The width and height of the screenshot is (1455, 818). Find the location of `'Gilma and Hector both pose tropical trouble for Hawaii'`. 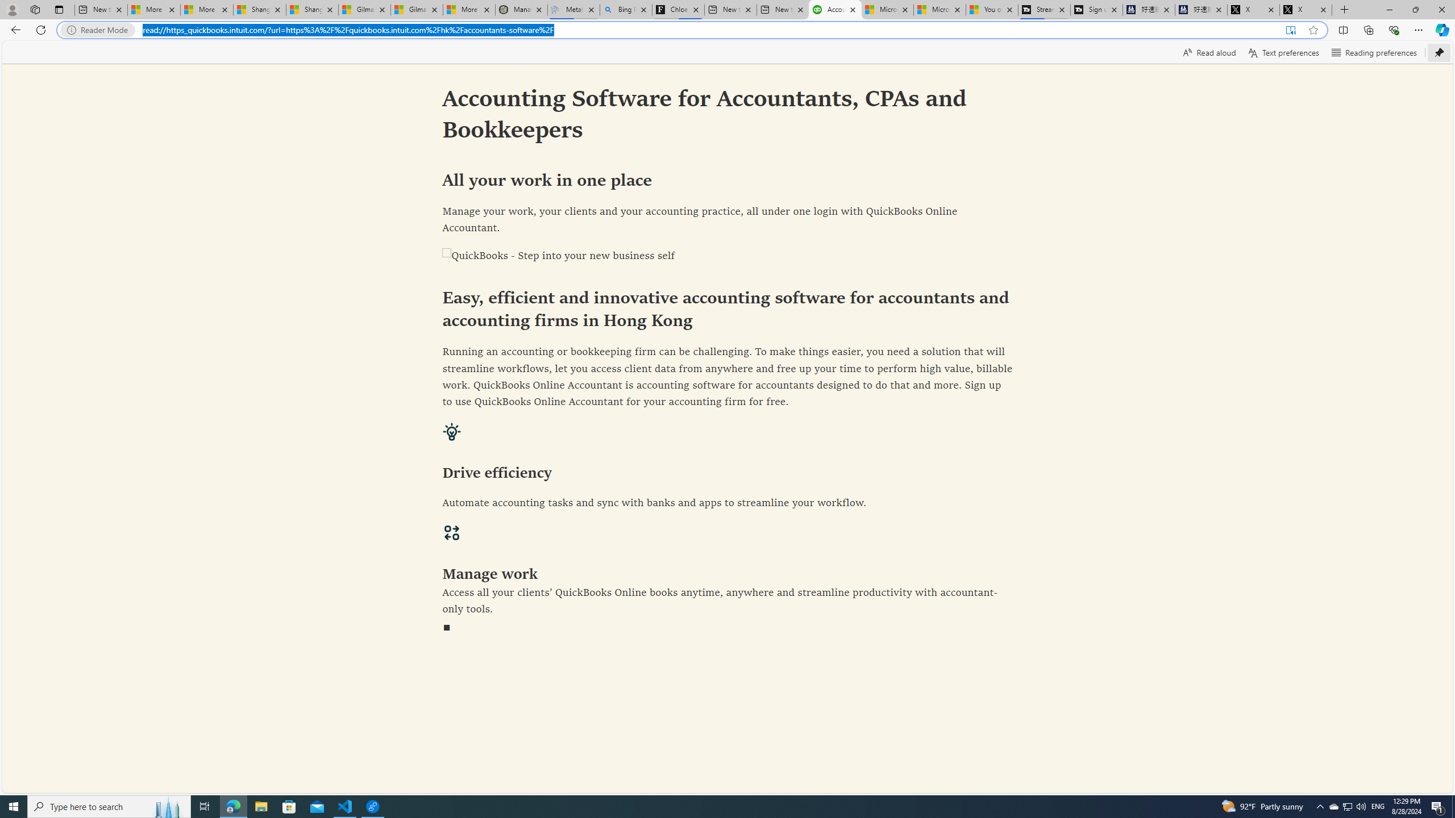

'Gilma and Hector both pose tropical trouble for Hawaii' is located at coordinates (417, 9).